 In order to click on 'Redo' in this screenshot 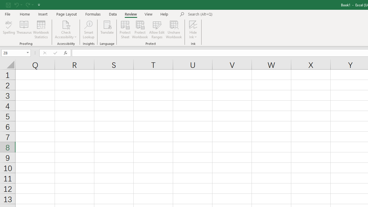, I will do `click(27, 5)`.